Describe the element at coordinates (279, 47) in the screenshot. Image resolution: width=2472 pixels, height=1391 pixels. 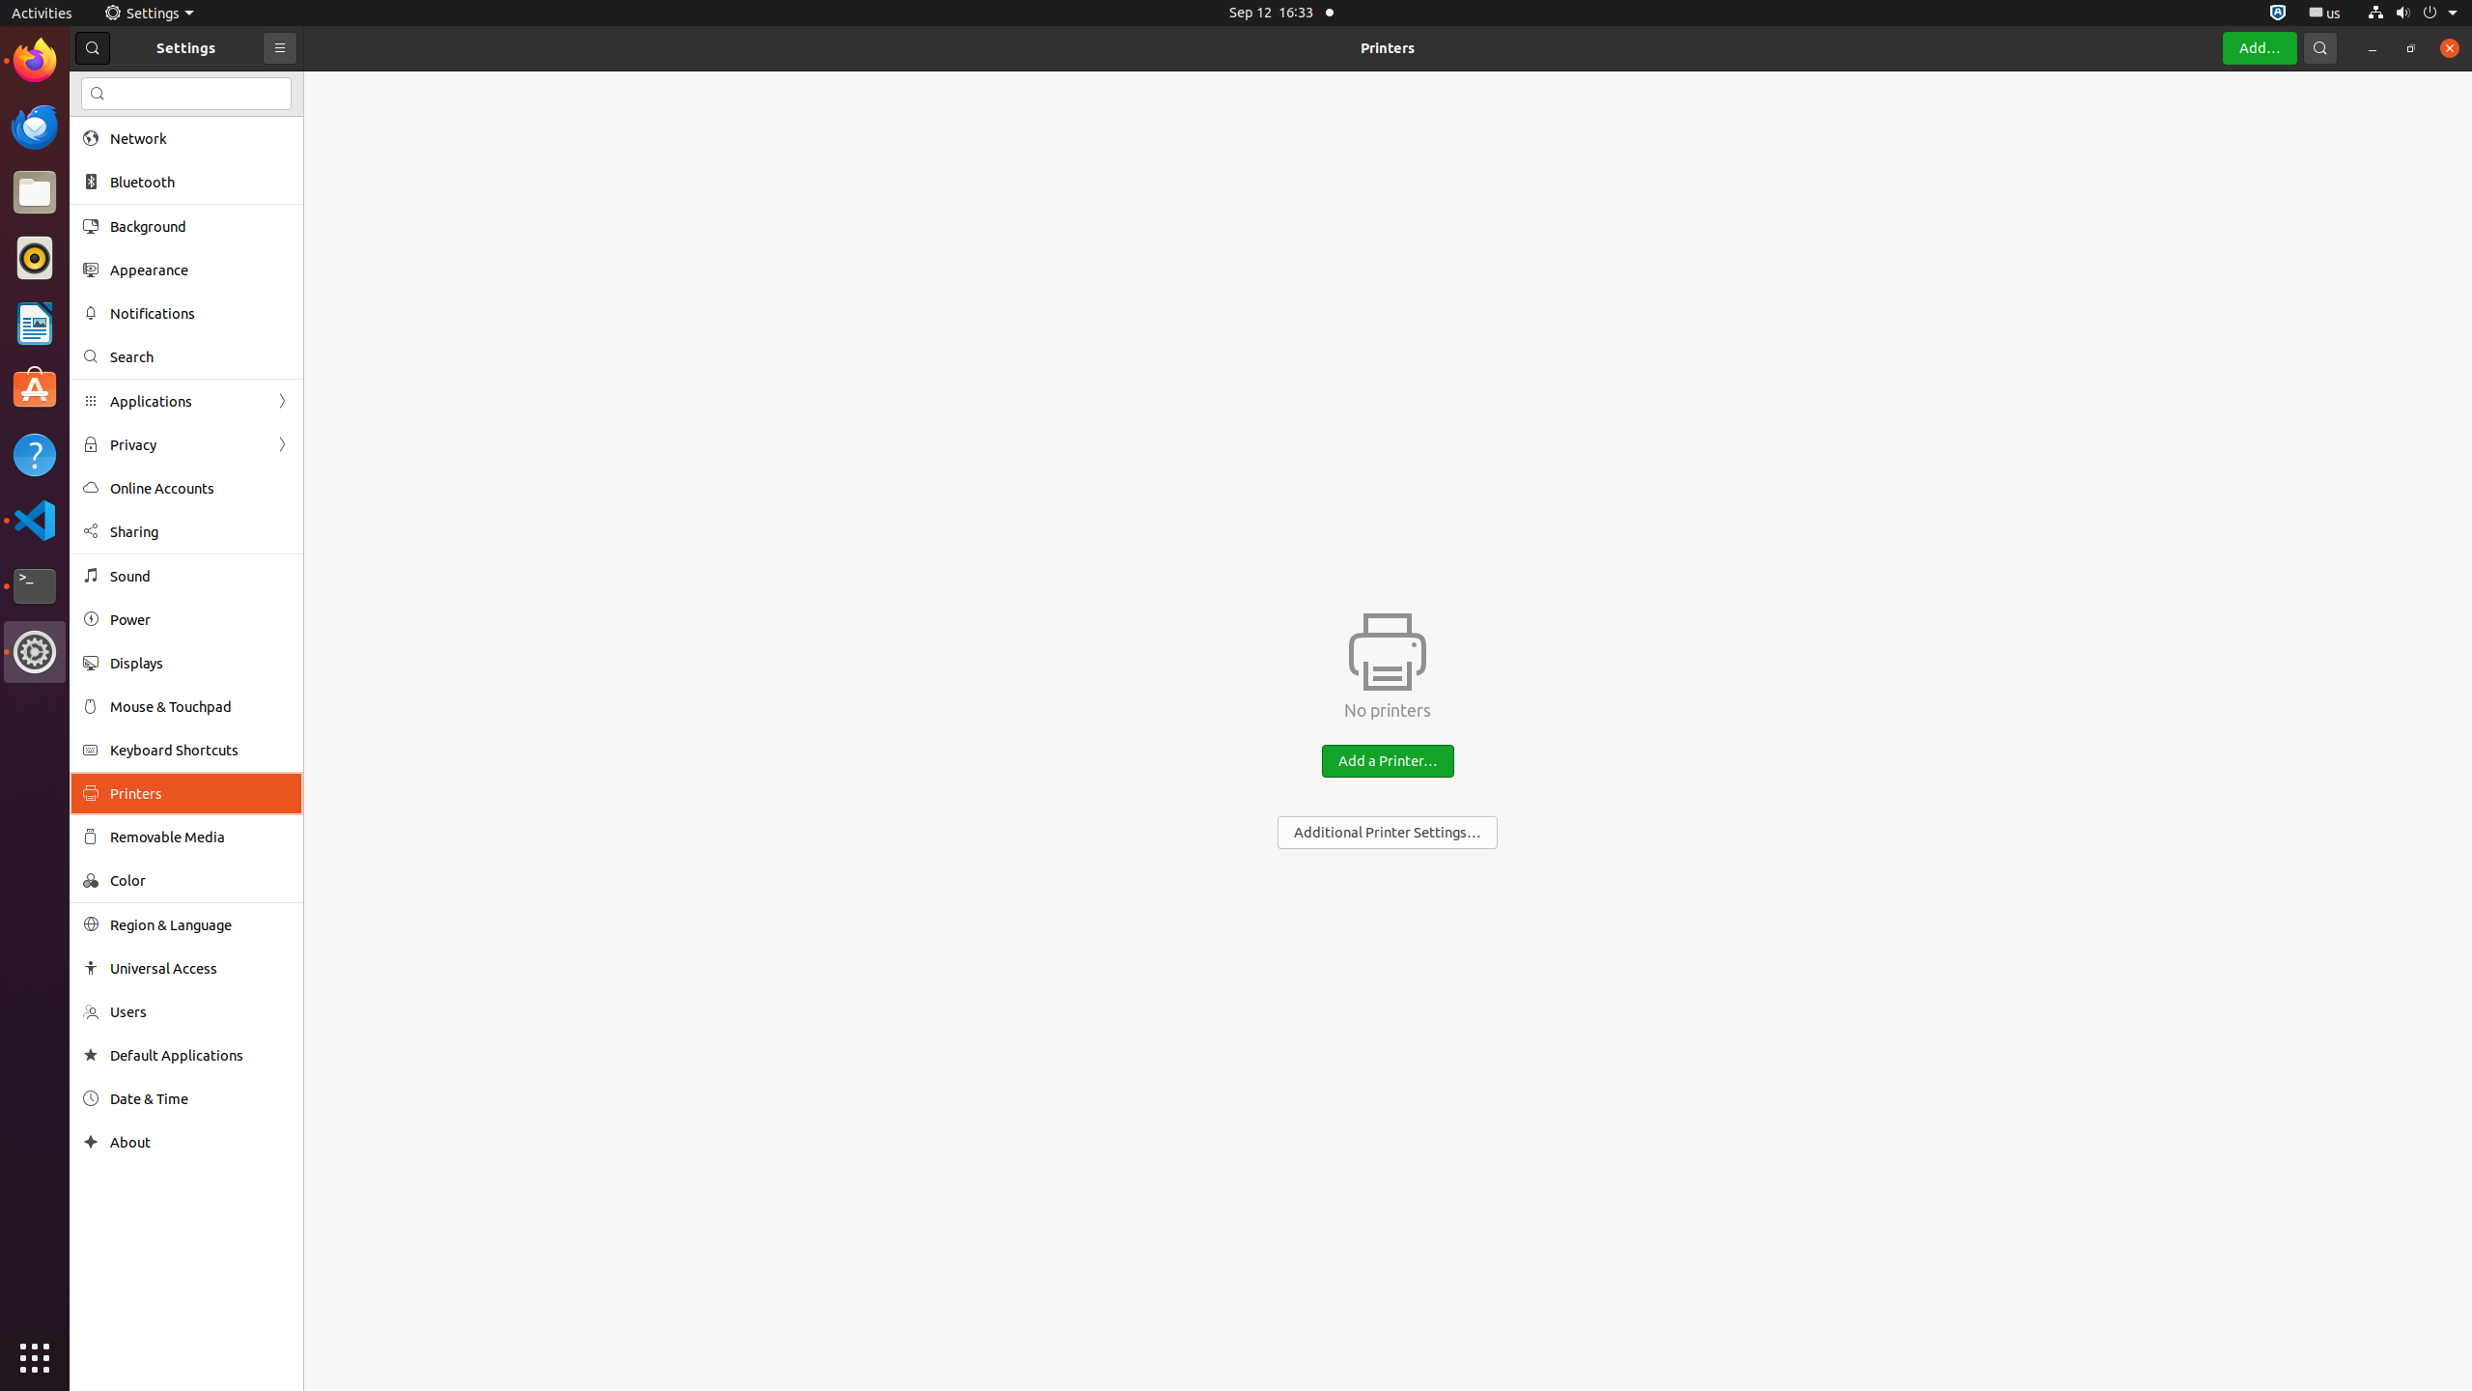
I see `'Primary Menu'` at that location.